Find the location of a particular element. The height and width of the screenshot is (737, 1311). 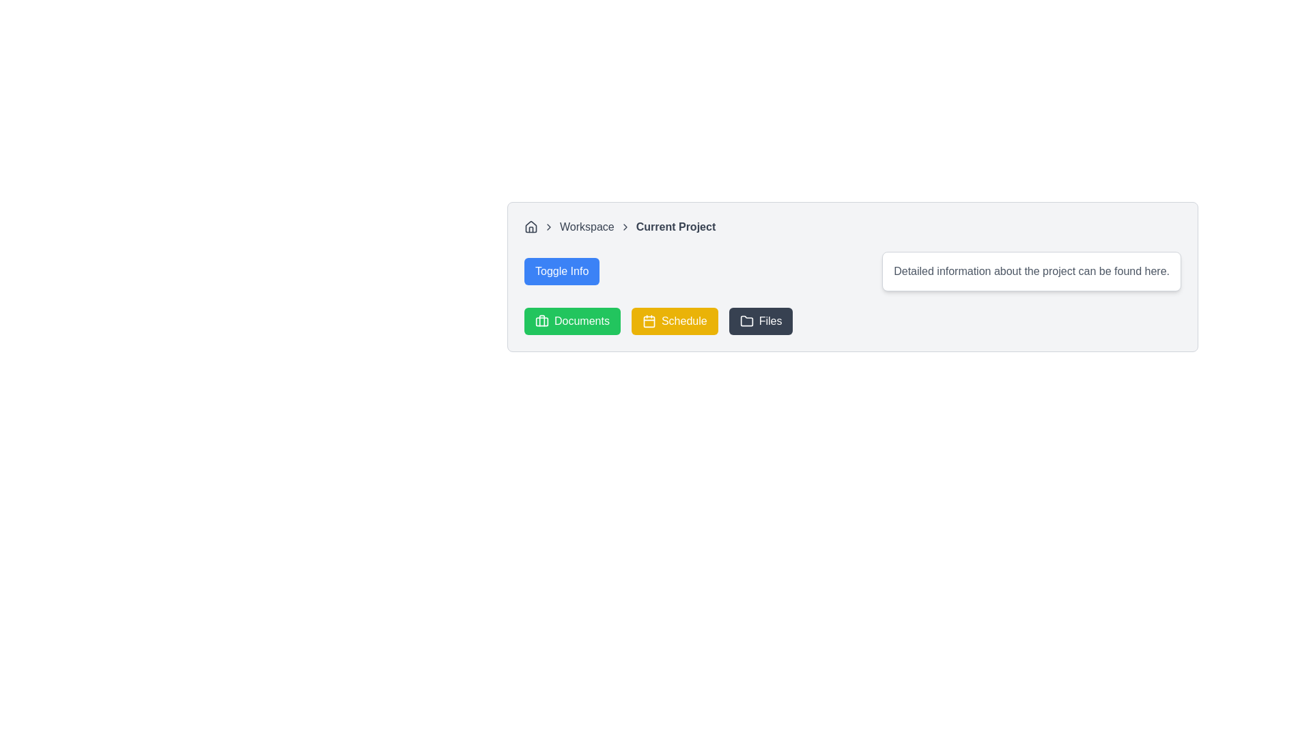

the 'Current Project' static text label in the breadcrumb navigation bar, which is displayed in bold font and positioned to the right of the 'Workspace' text is located at coordinates (675, 226).